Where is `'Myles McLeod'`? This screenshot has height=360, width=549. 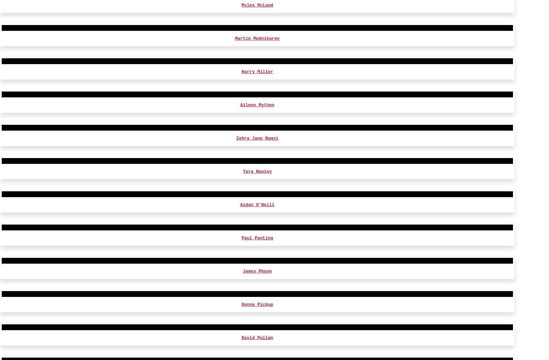 'Myles McLeod' is located at coordinates (242, 351).